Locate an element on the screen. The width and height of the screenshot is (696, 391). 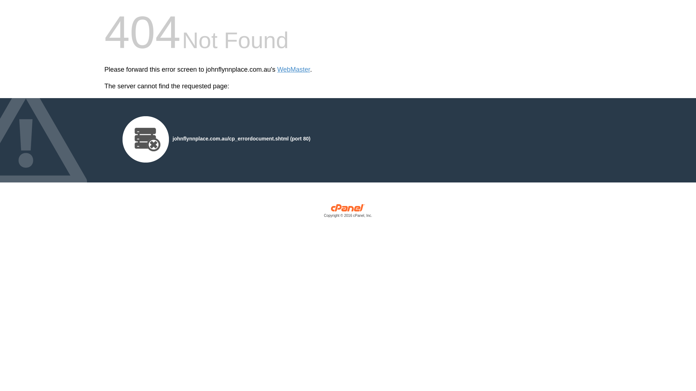
'WebMaster' is located at coordinates (277, 70).